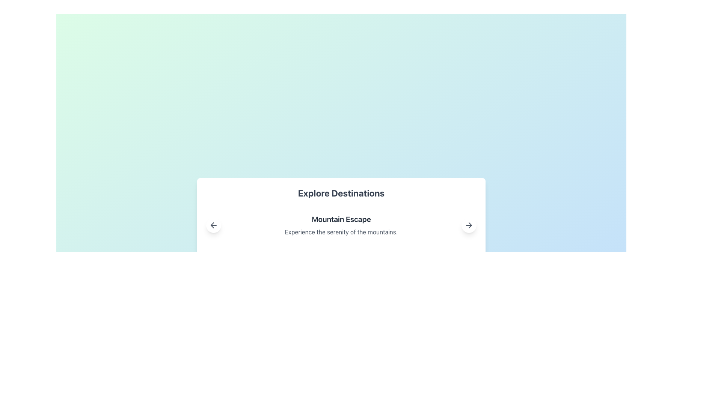 The image size is (721, 405). I want to click on the leftward-pointing arrow icon located in the top-left corner of the card element labeled 'Mountain Escape.', so click(212, 225).